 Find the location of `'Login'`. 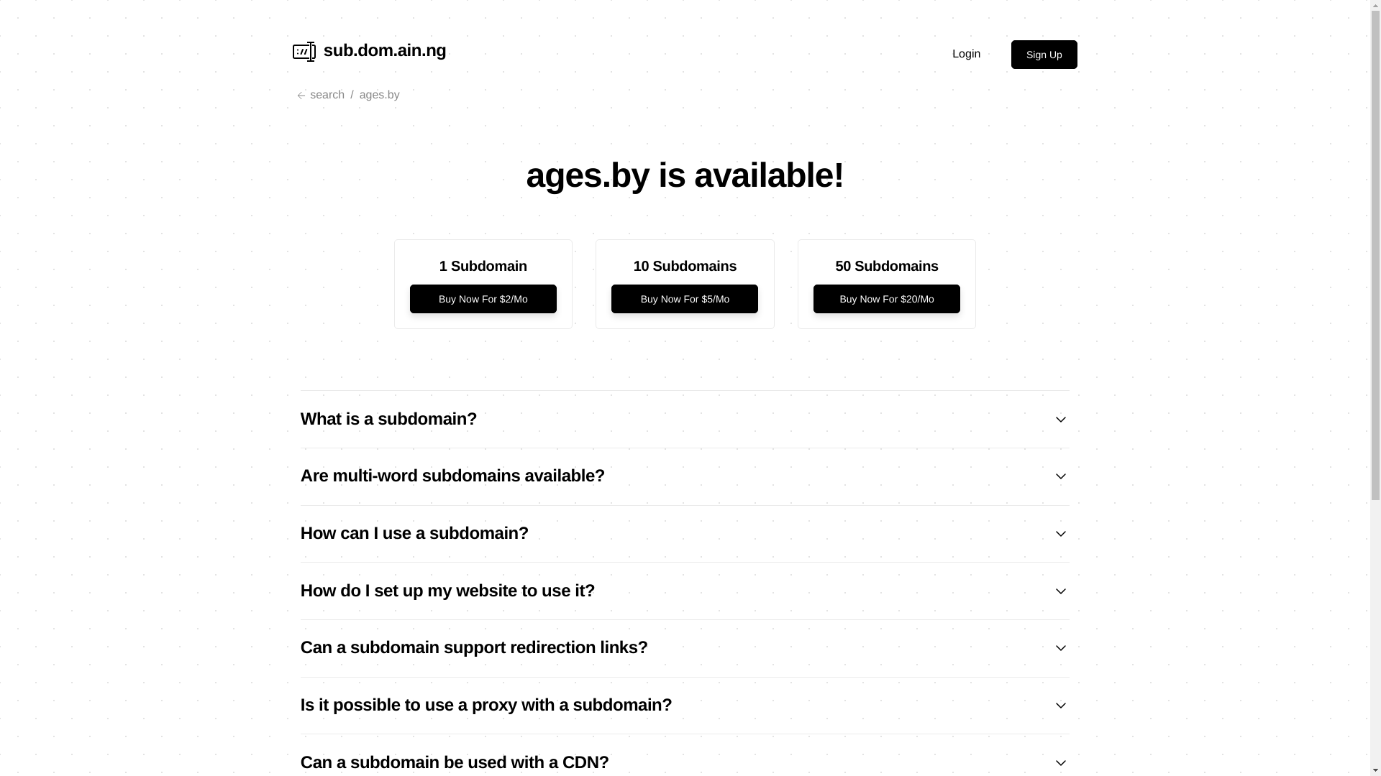

'Login' is located at coordinates (966, 54).